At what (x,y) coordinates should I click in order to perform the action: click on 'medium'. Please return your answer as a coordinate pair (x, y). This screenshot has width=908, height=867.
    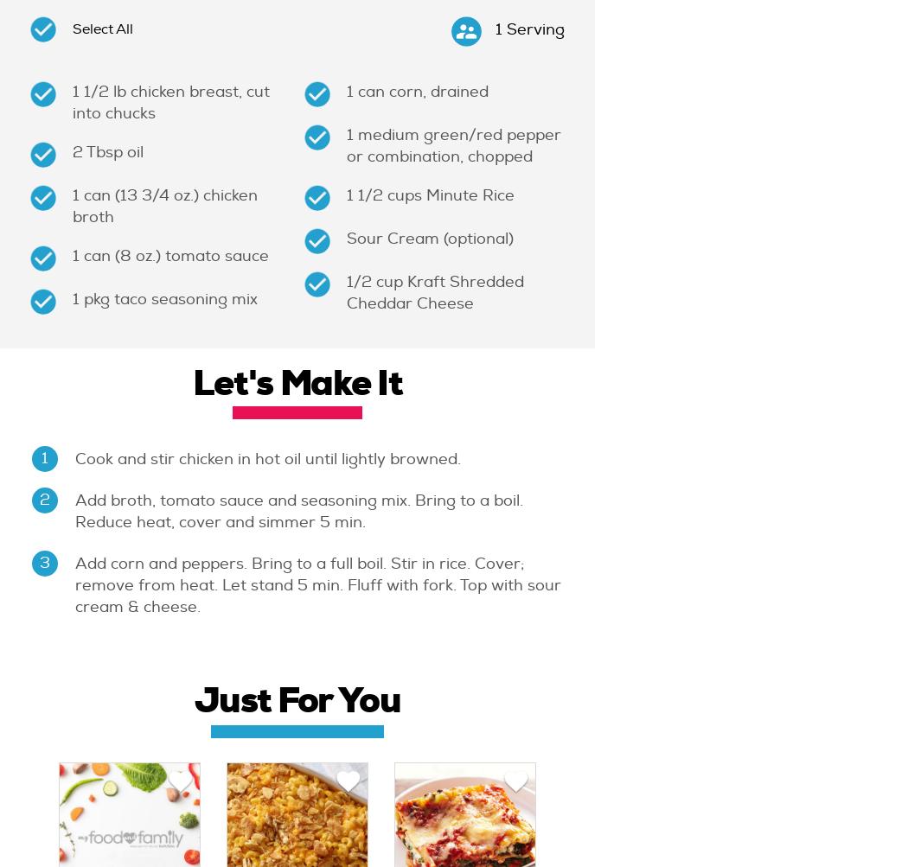
    Looking at the image, I should click on (391, 134).